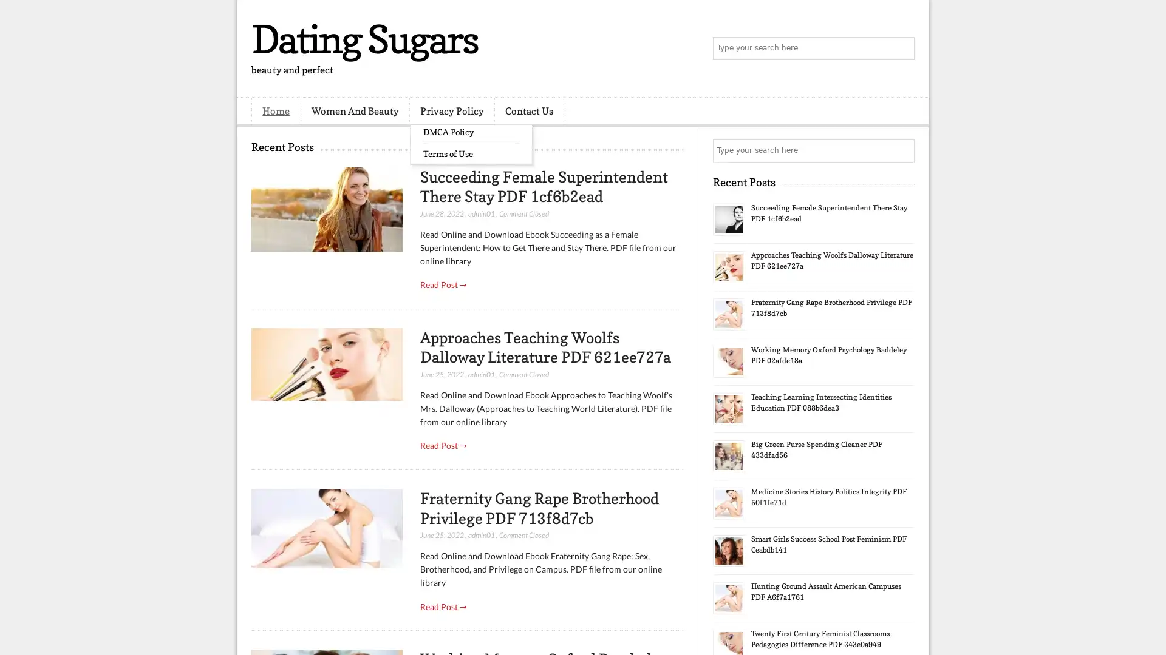 The image size is (1166, 655). I want to click on Search, so click(902, 49).